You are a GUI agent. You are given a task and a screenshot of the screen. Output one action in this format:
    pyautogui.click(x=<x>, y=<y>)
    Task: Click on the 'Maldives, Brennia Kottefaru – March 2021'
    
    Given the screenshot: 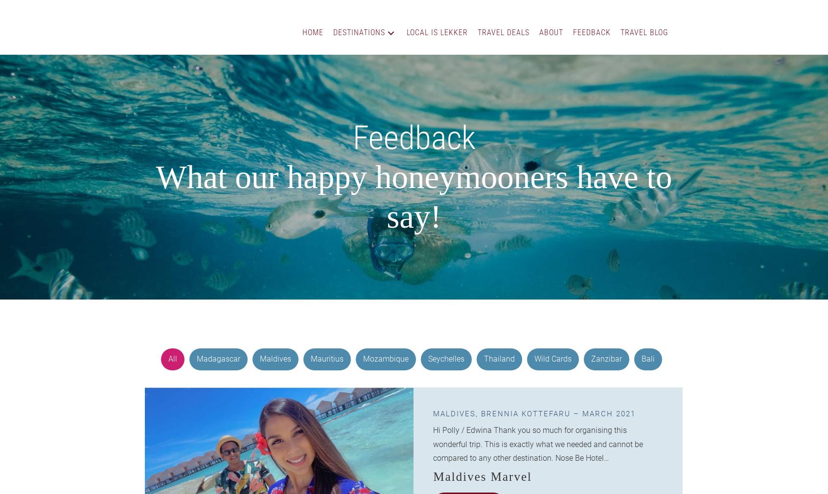 What is the action you would take?
    pyautogui.click(x=534, y=413)
    